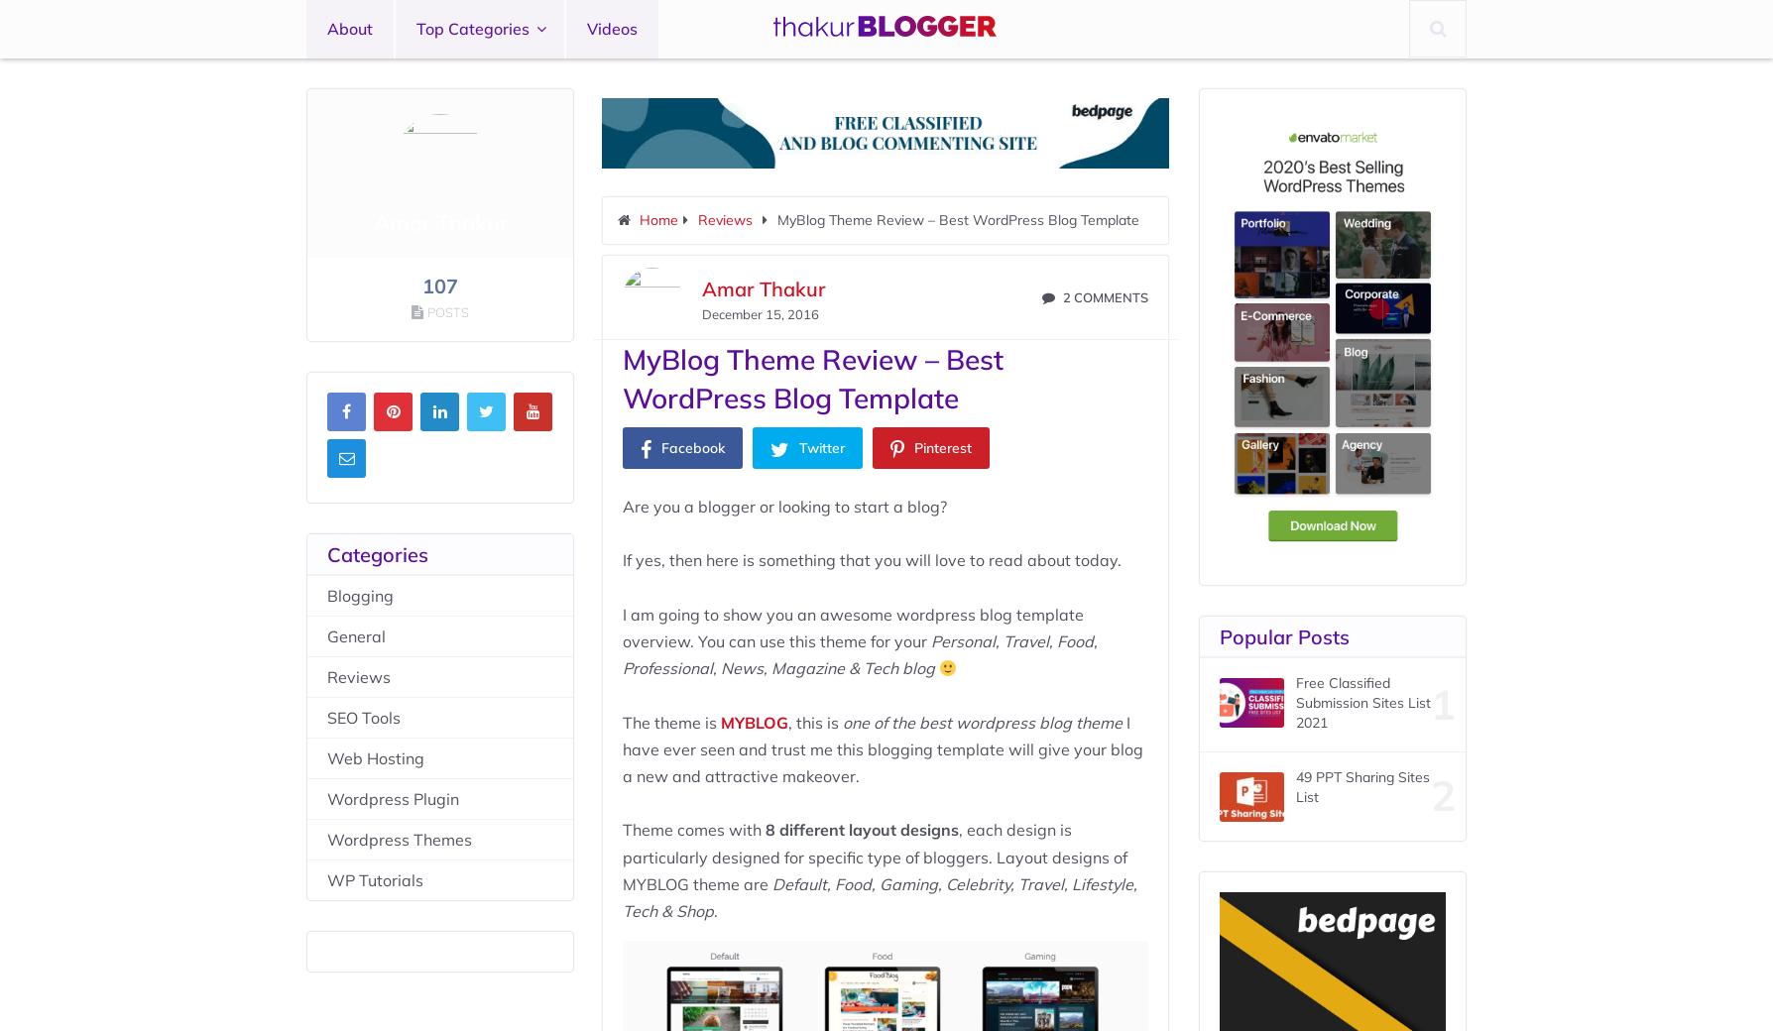 This screenshot has width=1773, height=1031. What do you see at coordinates (713, 910) in the screenshot?
I see `'.'` at bounding box center [713, 910].